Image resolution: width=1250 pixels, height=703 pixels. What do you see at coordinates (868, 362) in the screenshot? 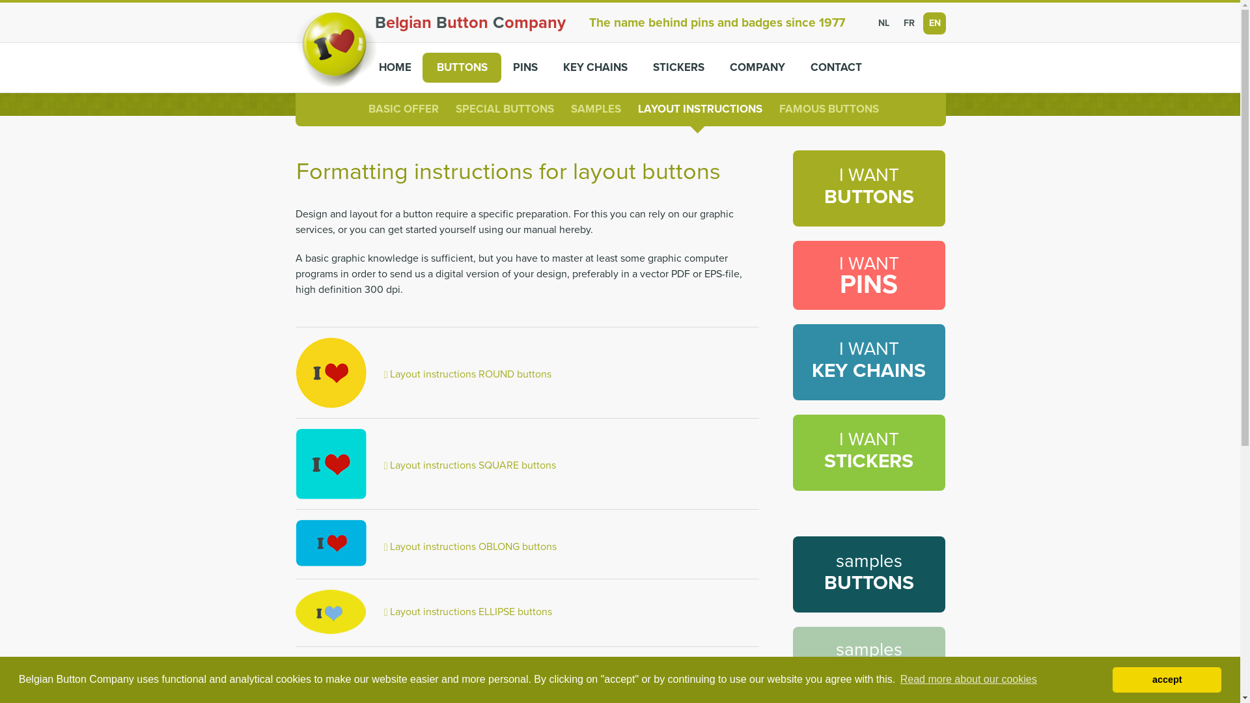
I see `'I WANT` at bounding box center [868, 362].